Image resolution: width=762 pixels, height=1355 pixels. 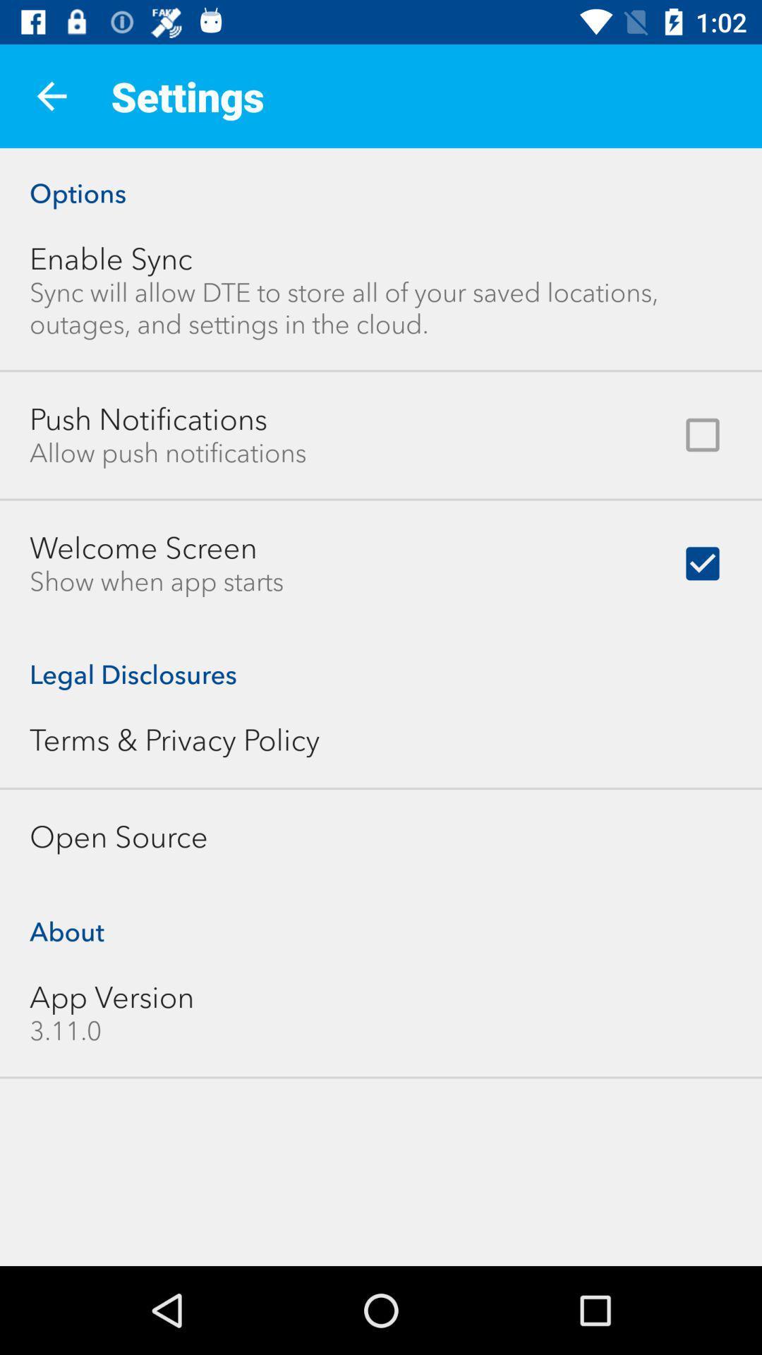 What do you see at coordinates (118, 837) in the screenshot?
I see `open source item` at bounding box center [118, 837].